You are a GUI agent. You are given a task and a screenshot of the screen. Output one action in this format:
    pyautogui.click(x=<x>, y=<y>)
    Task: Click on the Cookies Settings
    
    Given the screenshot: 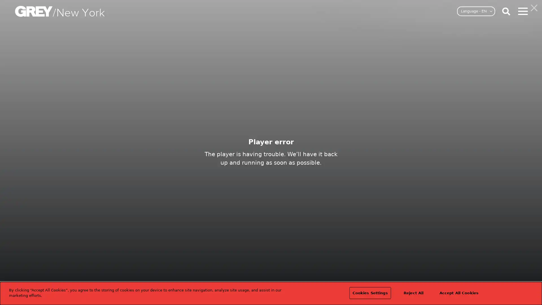 What is the action you would take?
    pyautogui.click(x=370, y=293)
    